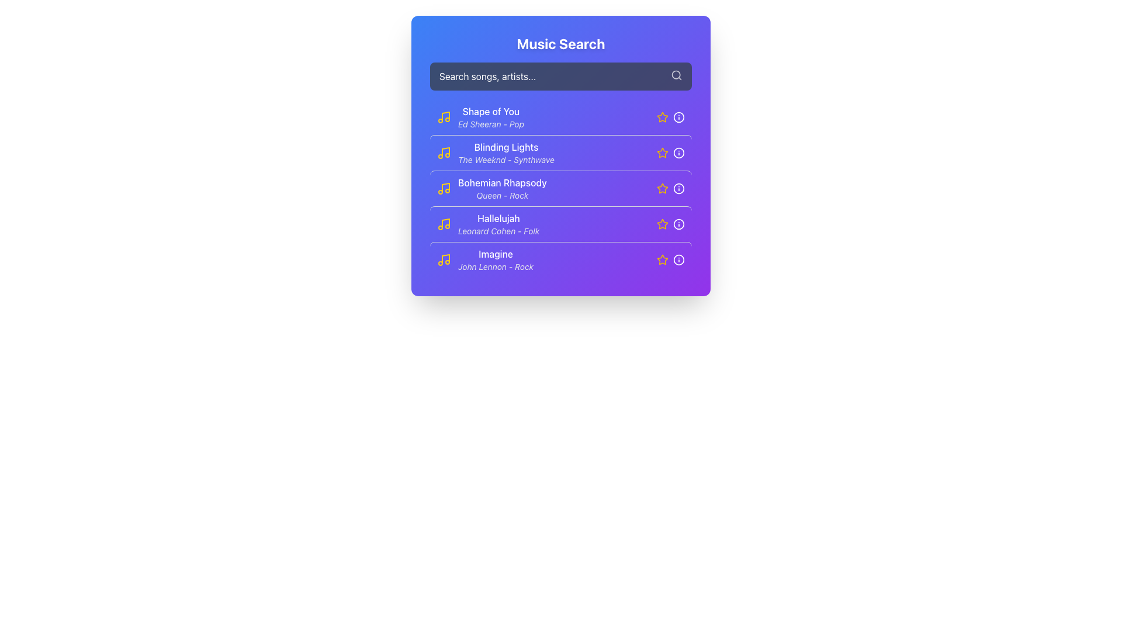 This screenshot has height=631, width=1122. What do you see at coordinates (443, 259) in the screenshot?
I see `the music track icon for the song 'Imagine' by John Lennon, which is positioned at the beginning of its line in the music search interface` at bounding box center [443, 259].